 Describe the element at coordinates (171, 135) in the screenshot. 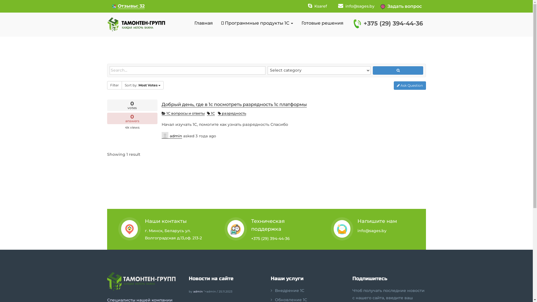

I see `'admin'` at that location.